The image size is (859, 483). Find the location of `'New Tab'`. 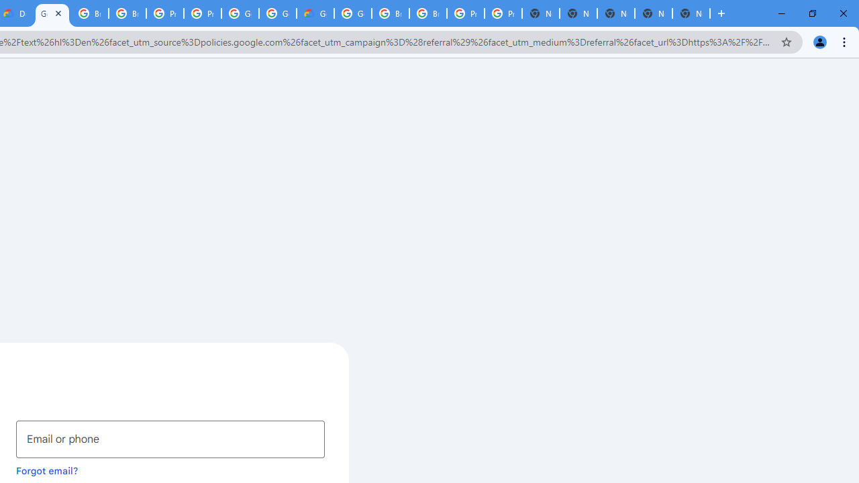

'New Tab' is located at coordinates (691, 13).